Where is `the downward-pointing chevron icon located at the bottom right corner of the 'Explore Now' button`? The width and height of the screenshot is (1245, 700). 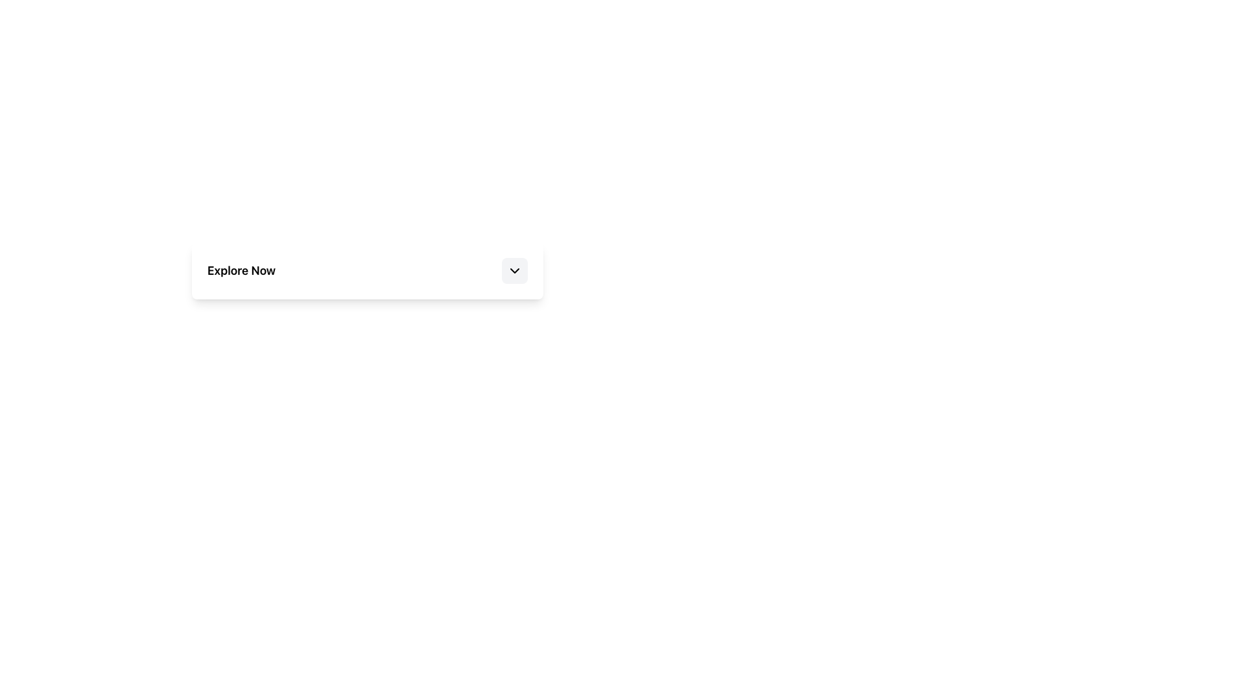
the downward-pointing chevron icon located at the bottom right corner of the 'Explore Now' button is located at coordinates (514, 270).